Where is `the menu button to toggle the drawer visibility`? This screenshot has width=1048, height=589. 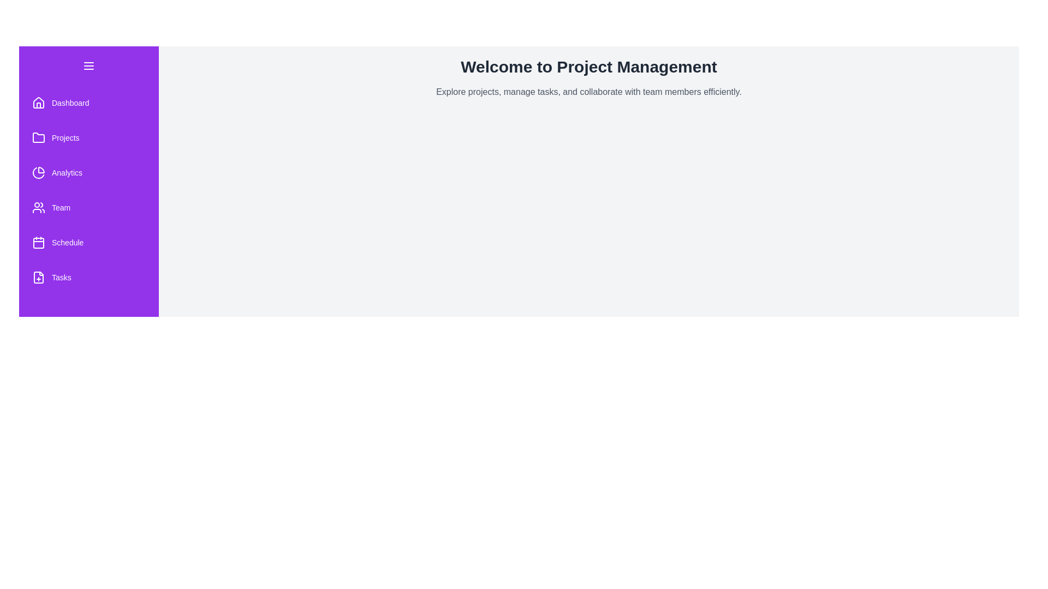 the menu button to toggle the drawer visibility is located at coordinates (89, 65).